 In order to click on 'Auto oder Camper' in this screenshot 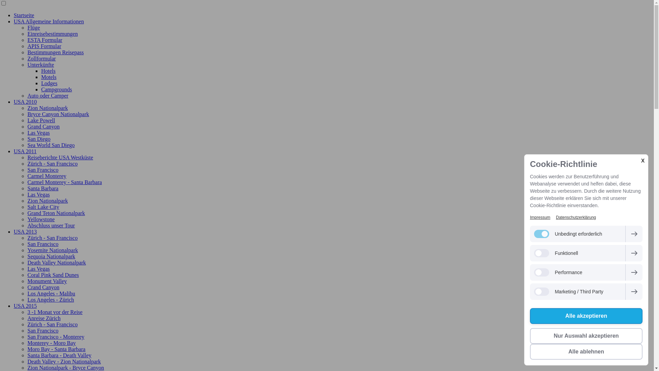, I will do `click(47, 95)`.